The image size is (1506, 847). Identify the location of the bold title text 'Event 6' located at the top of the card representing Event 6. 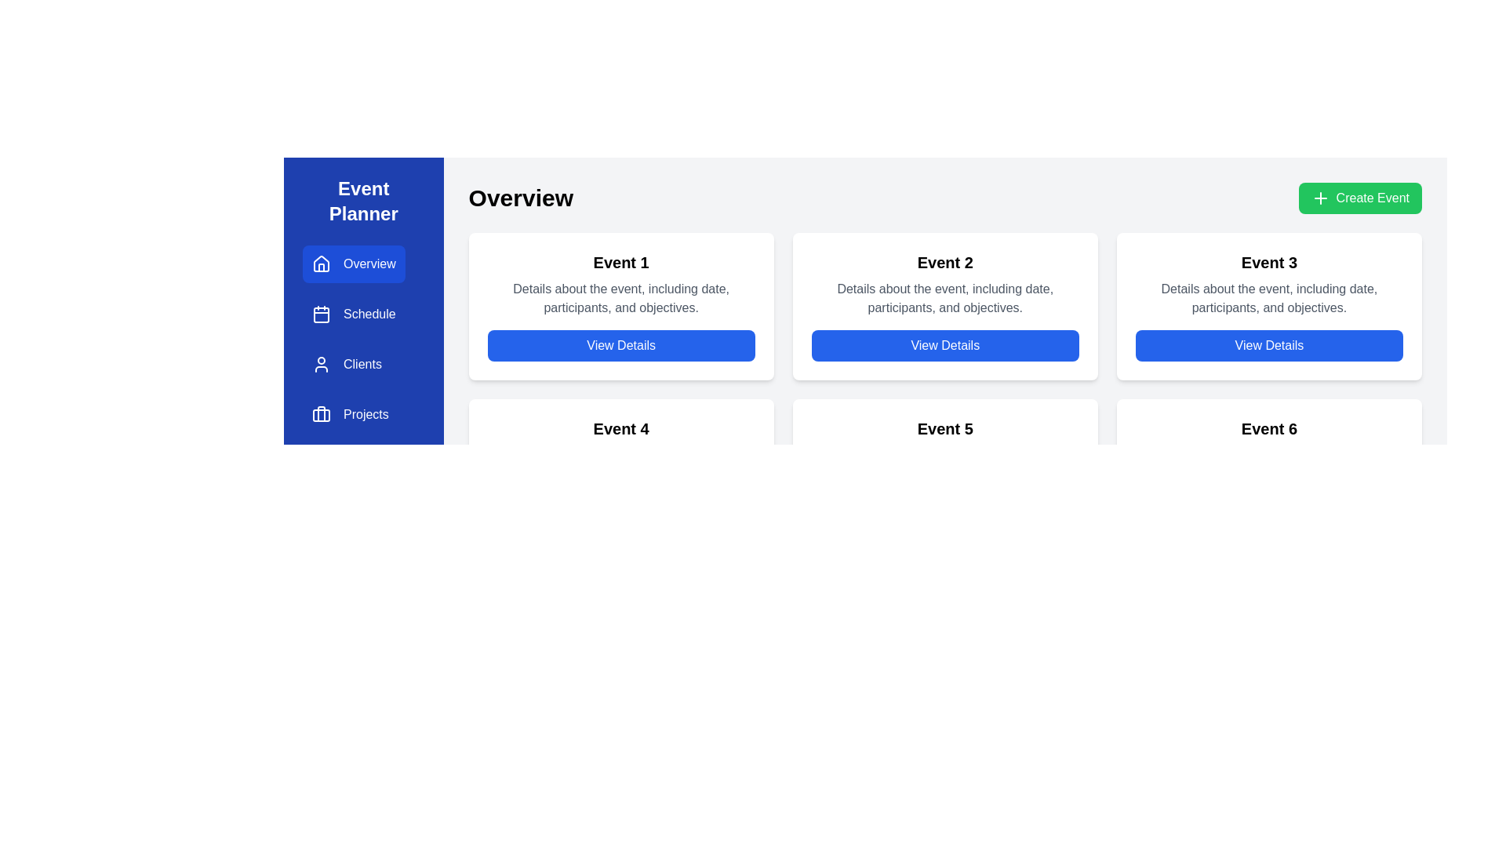
(1269, 429).